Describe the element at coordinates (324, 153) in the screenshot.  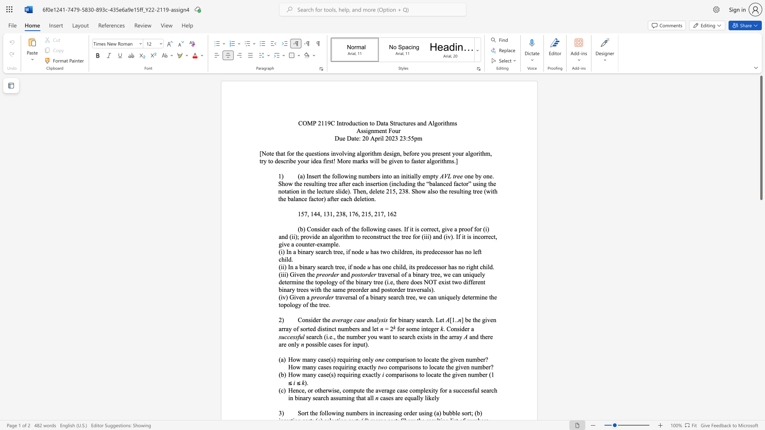
I see `the subset text "ns involving algorithm design, before you present your" within the text "[Note that for the questions involving algorithm design, before you present your algorithm, try to describe your idea first! More marks will be given to faster algorithms.]"` at that location.